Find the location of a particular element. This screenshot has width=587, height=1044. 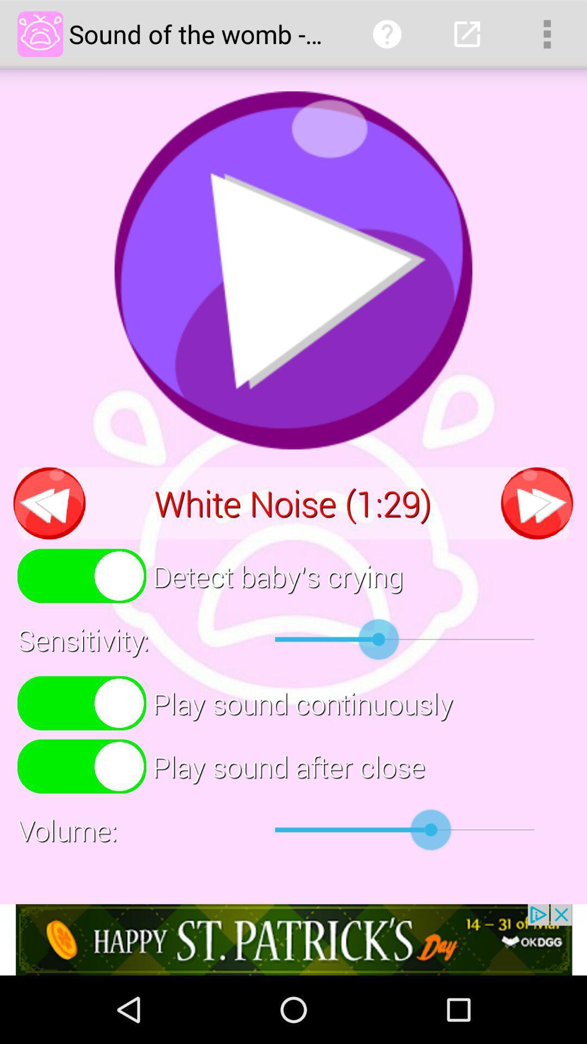

next sound is located at coordinates (536, 502).